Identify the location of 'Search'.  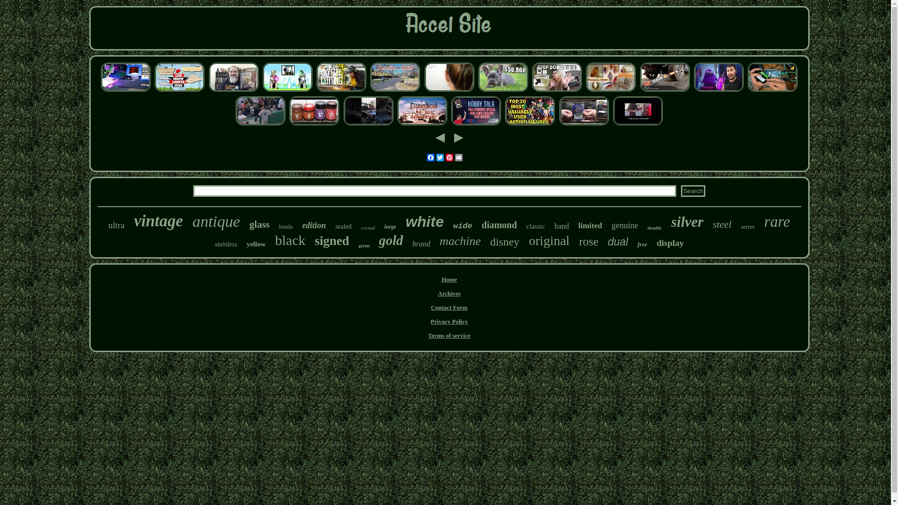
(693, 190).